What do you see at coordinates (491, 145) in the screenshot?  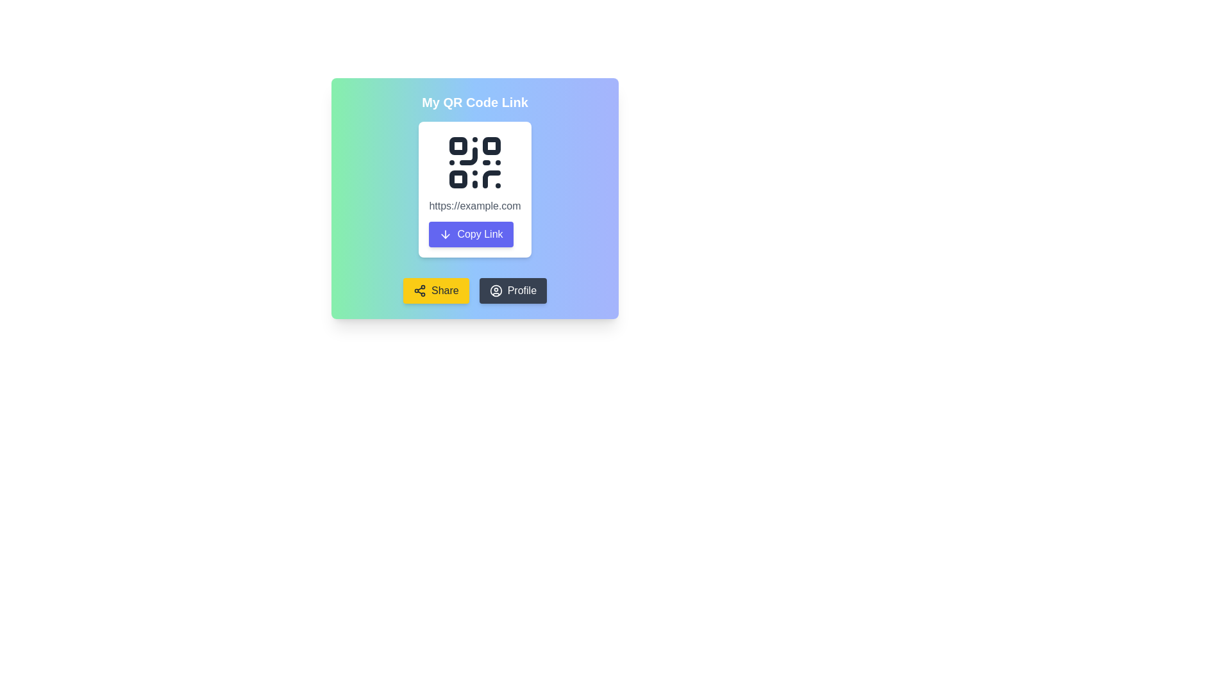 I see `the small square shape with rounded corners located near the top-right corner of the QR code graphic` at bounding box center [491, 145].